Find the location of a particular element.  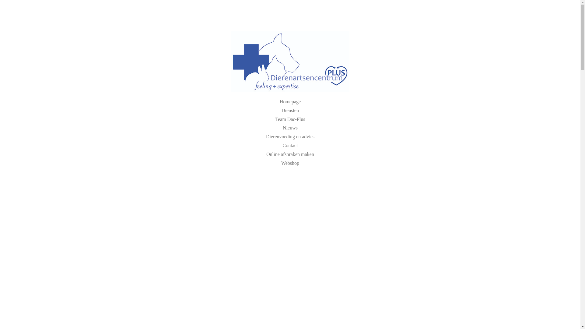

'info@dac-plus.be' is located at coordinates (301, 17).